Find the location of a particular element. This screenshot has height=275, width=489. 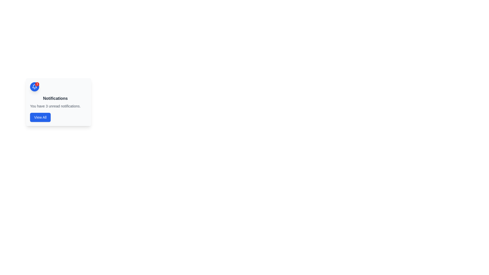

the central notification icon within a rounded blue background located at the top-left corner of the card, aligned with the 'Notifications' text and positioned above the notification number badge is located at coordinates (34, 86).